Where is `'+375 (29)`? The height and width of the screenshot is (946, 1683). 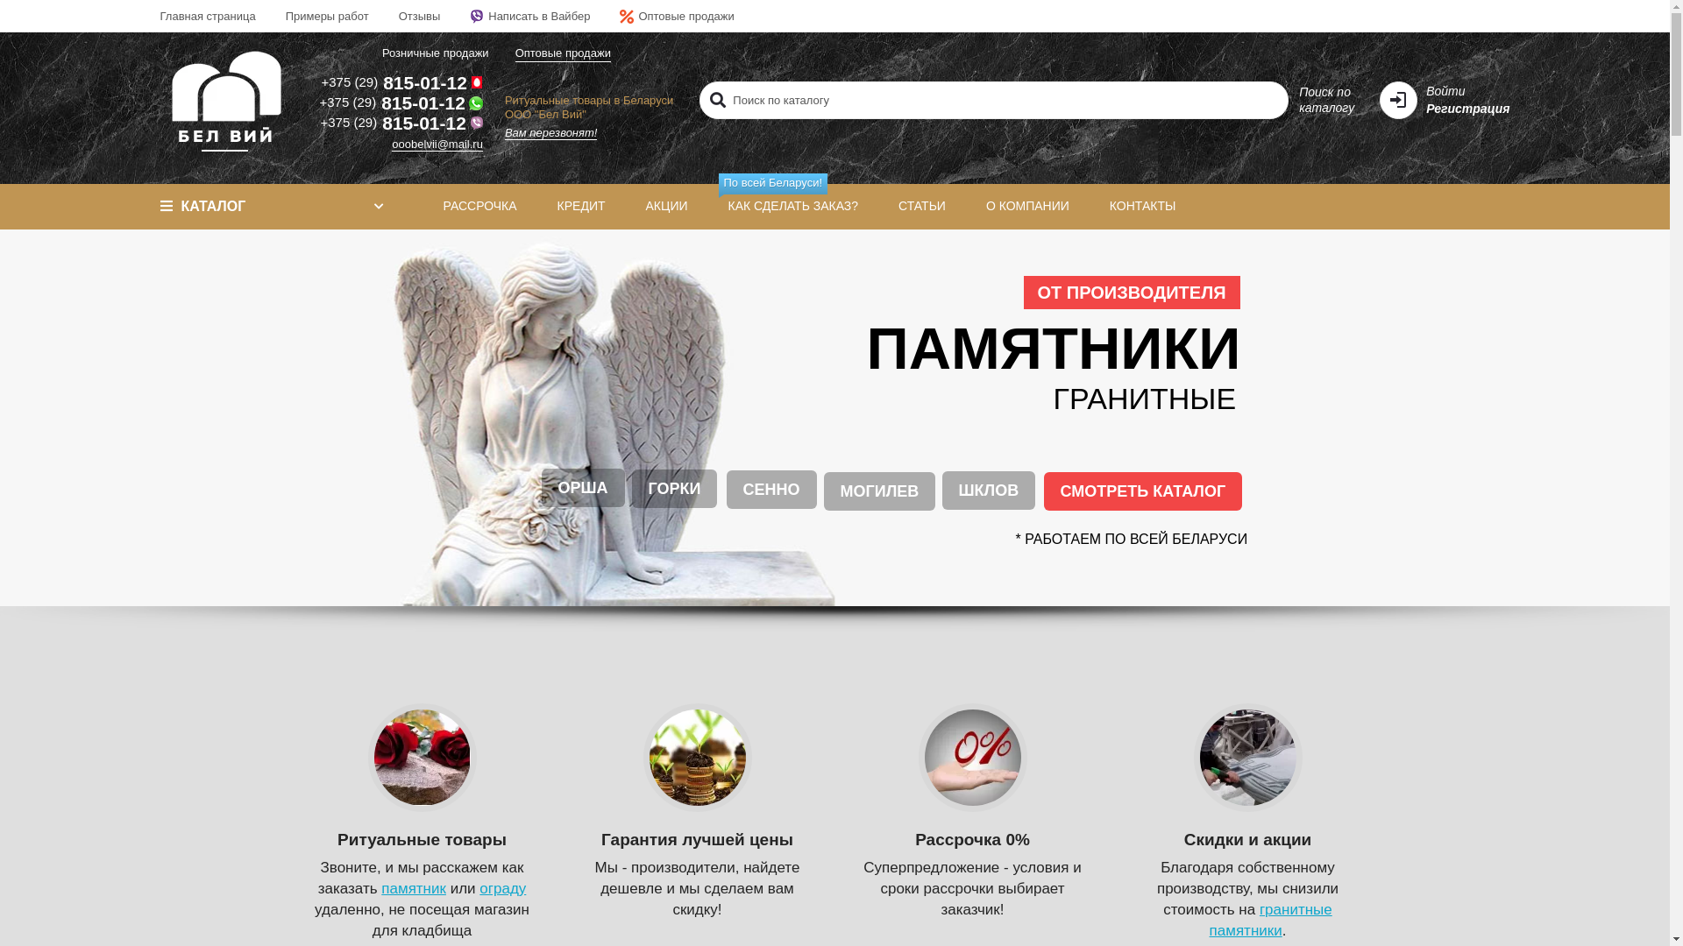 '+375 (29) is located at coordinates (399, 122).